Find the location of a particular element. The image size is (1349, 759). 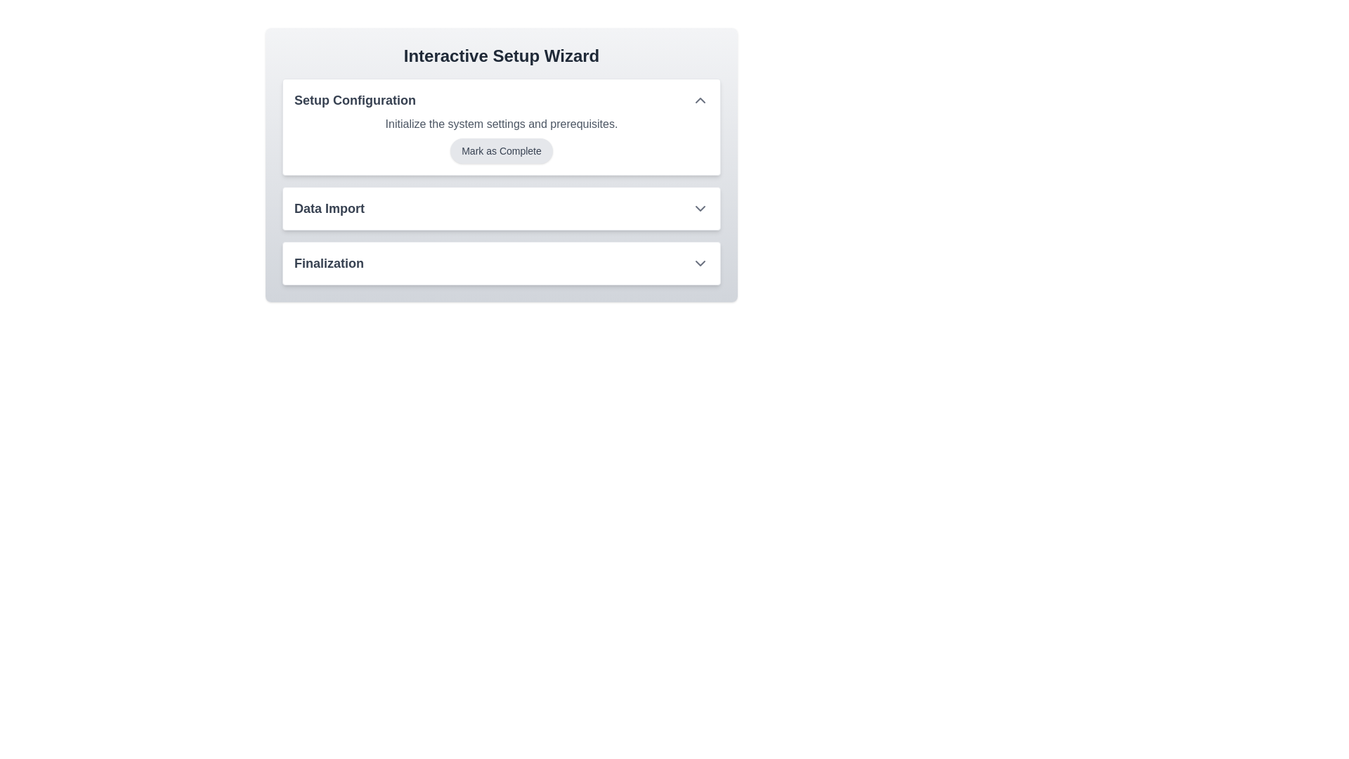

the upward-pointing chevron icon button located in the 'Setup Configuration' section, positioned at the top-right corner of the section's header is located at coordinates (700, 99).